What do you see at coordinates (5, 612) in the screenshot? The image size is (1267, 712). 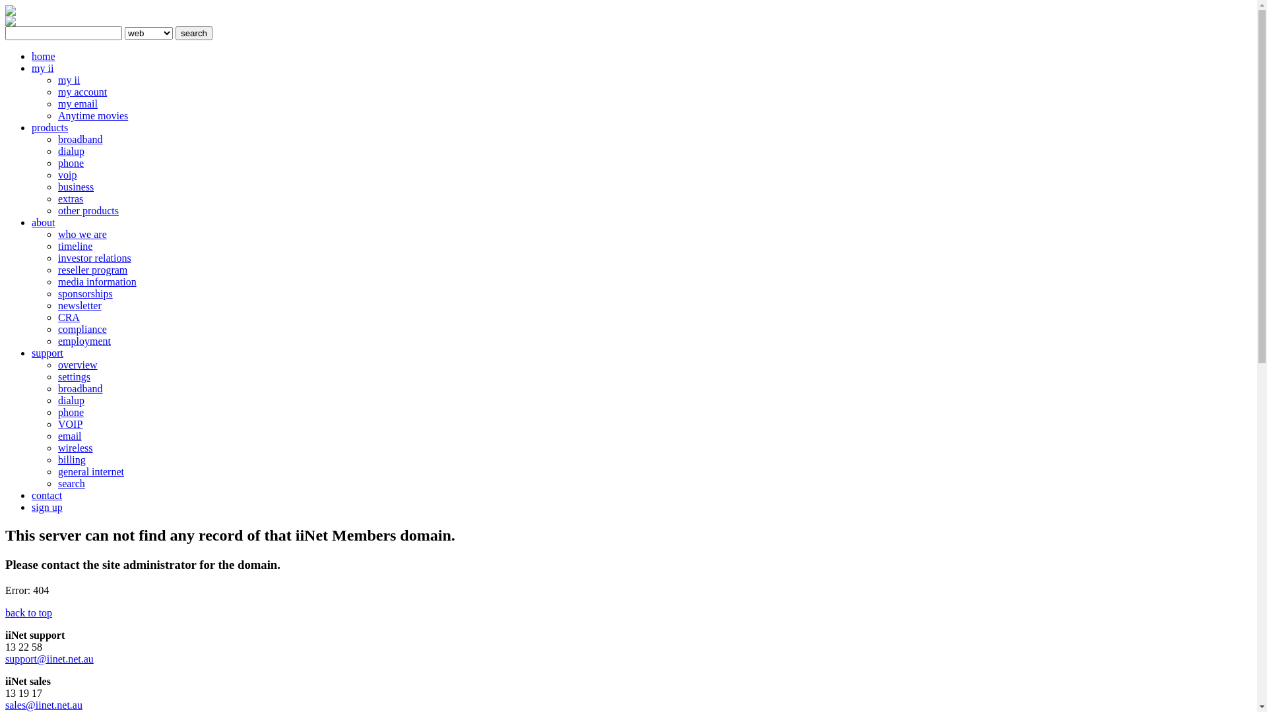 I see `'back to top'` at bounding box center [5, 612].